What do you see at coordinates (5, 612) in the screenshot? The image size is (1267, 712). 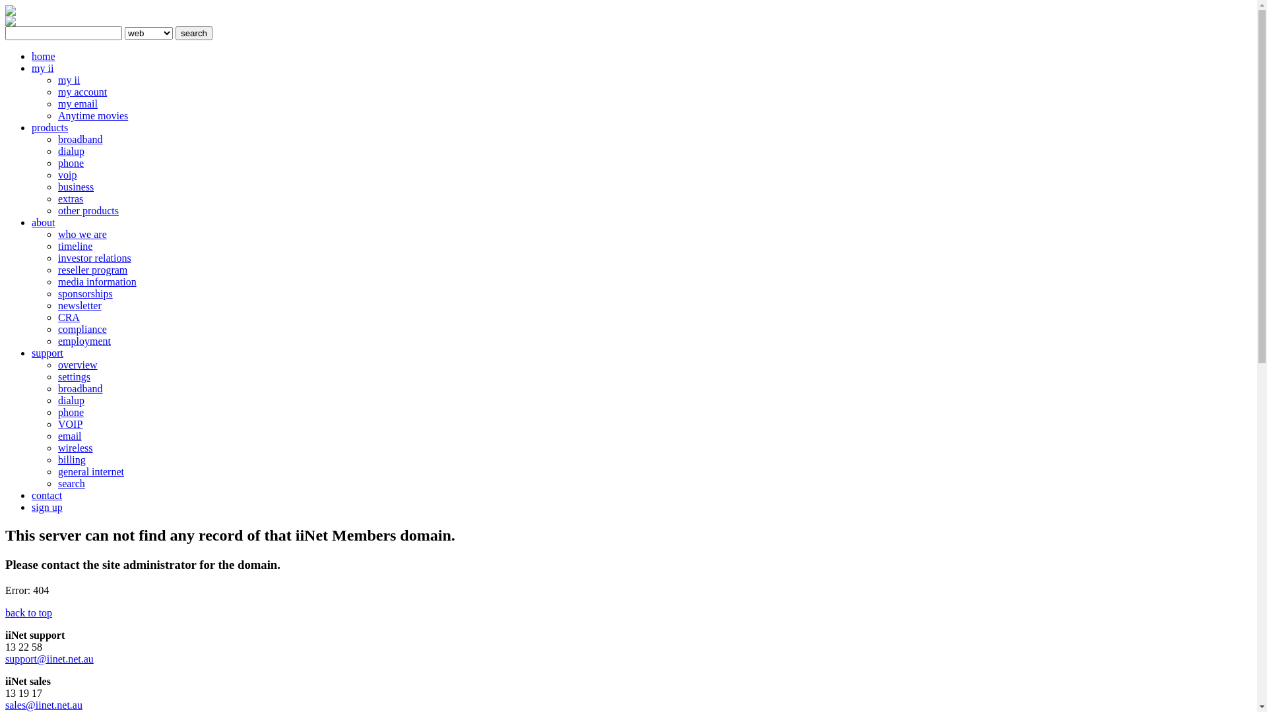 I see `'back to top'` at bounding box center [5, 612].